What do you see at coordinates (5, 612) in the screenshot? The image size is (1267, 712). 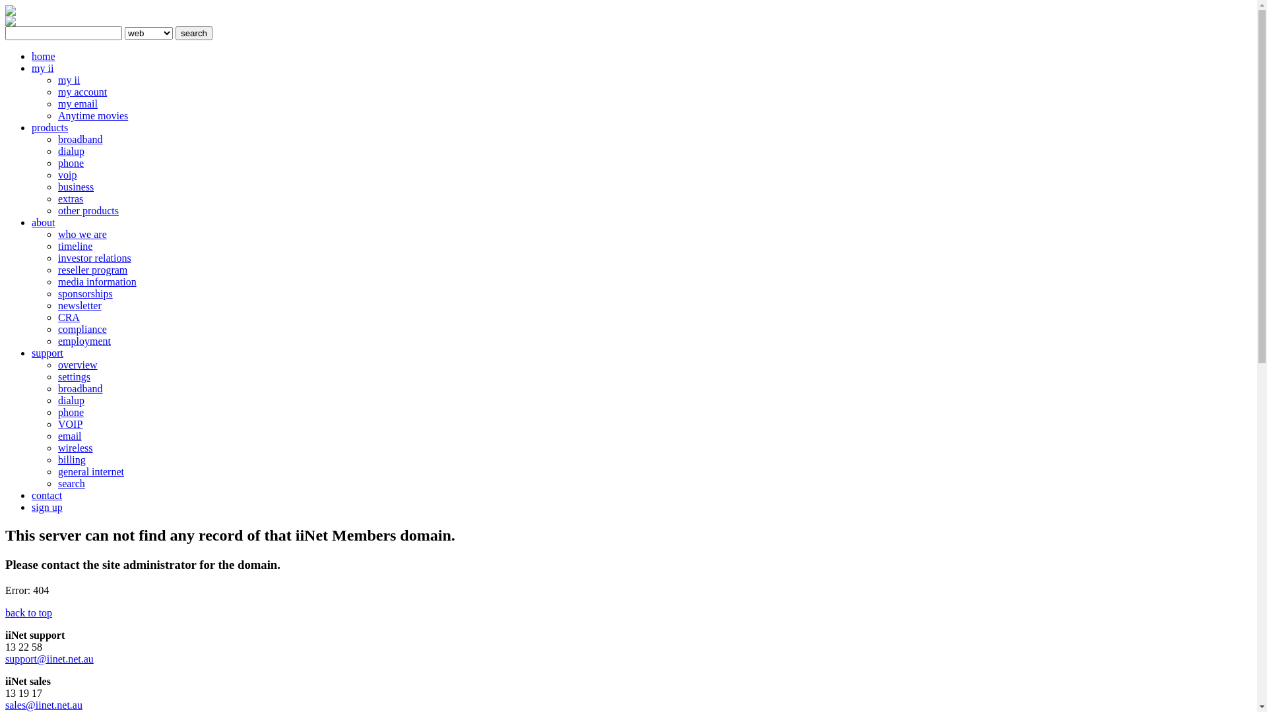 I see `'back to top'` at bounding box center [5, 612].